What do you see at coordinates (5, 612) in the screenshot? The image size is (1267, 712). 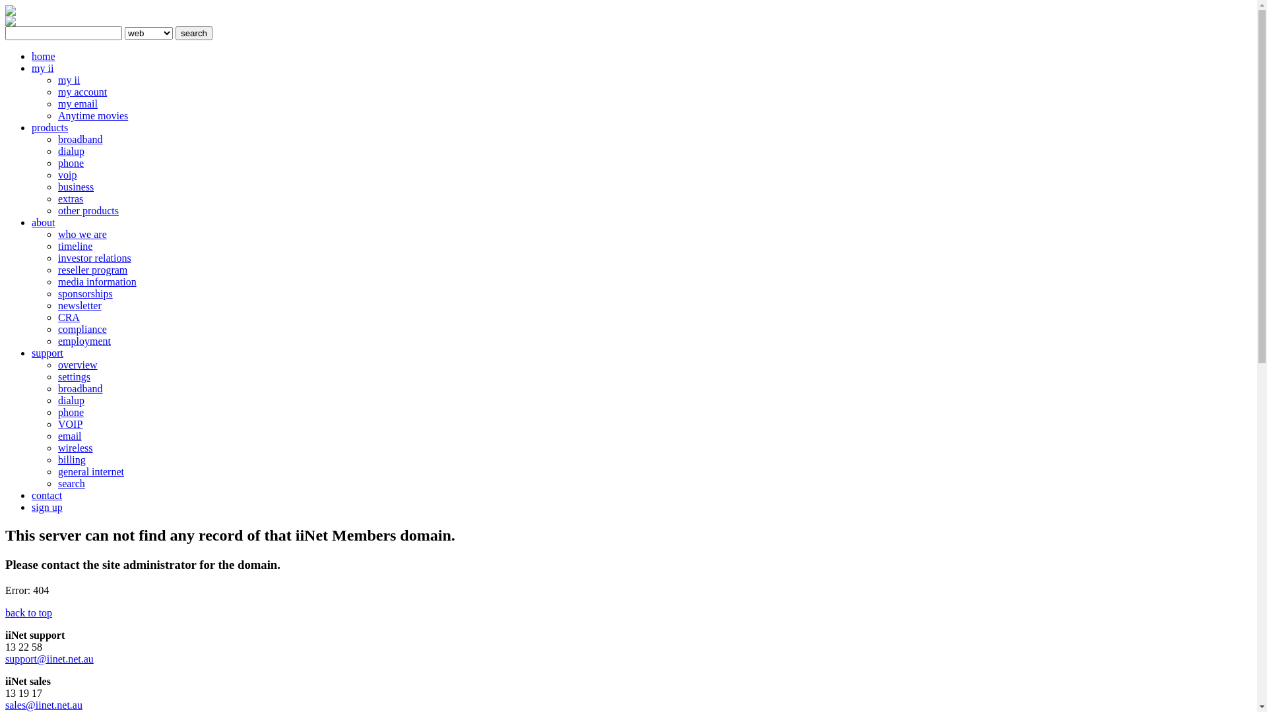 I see `'back to top'` at bounding box center [5, 612].